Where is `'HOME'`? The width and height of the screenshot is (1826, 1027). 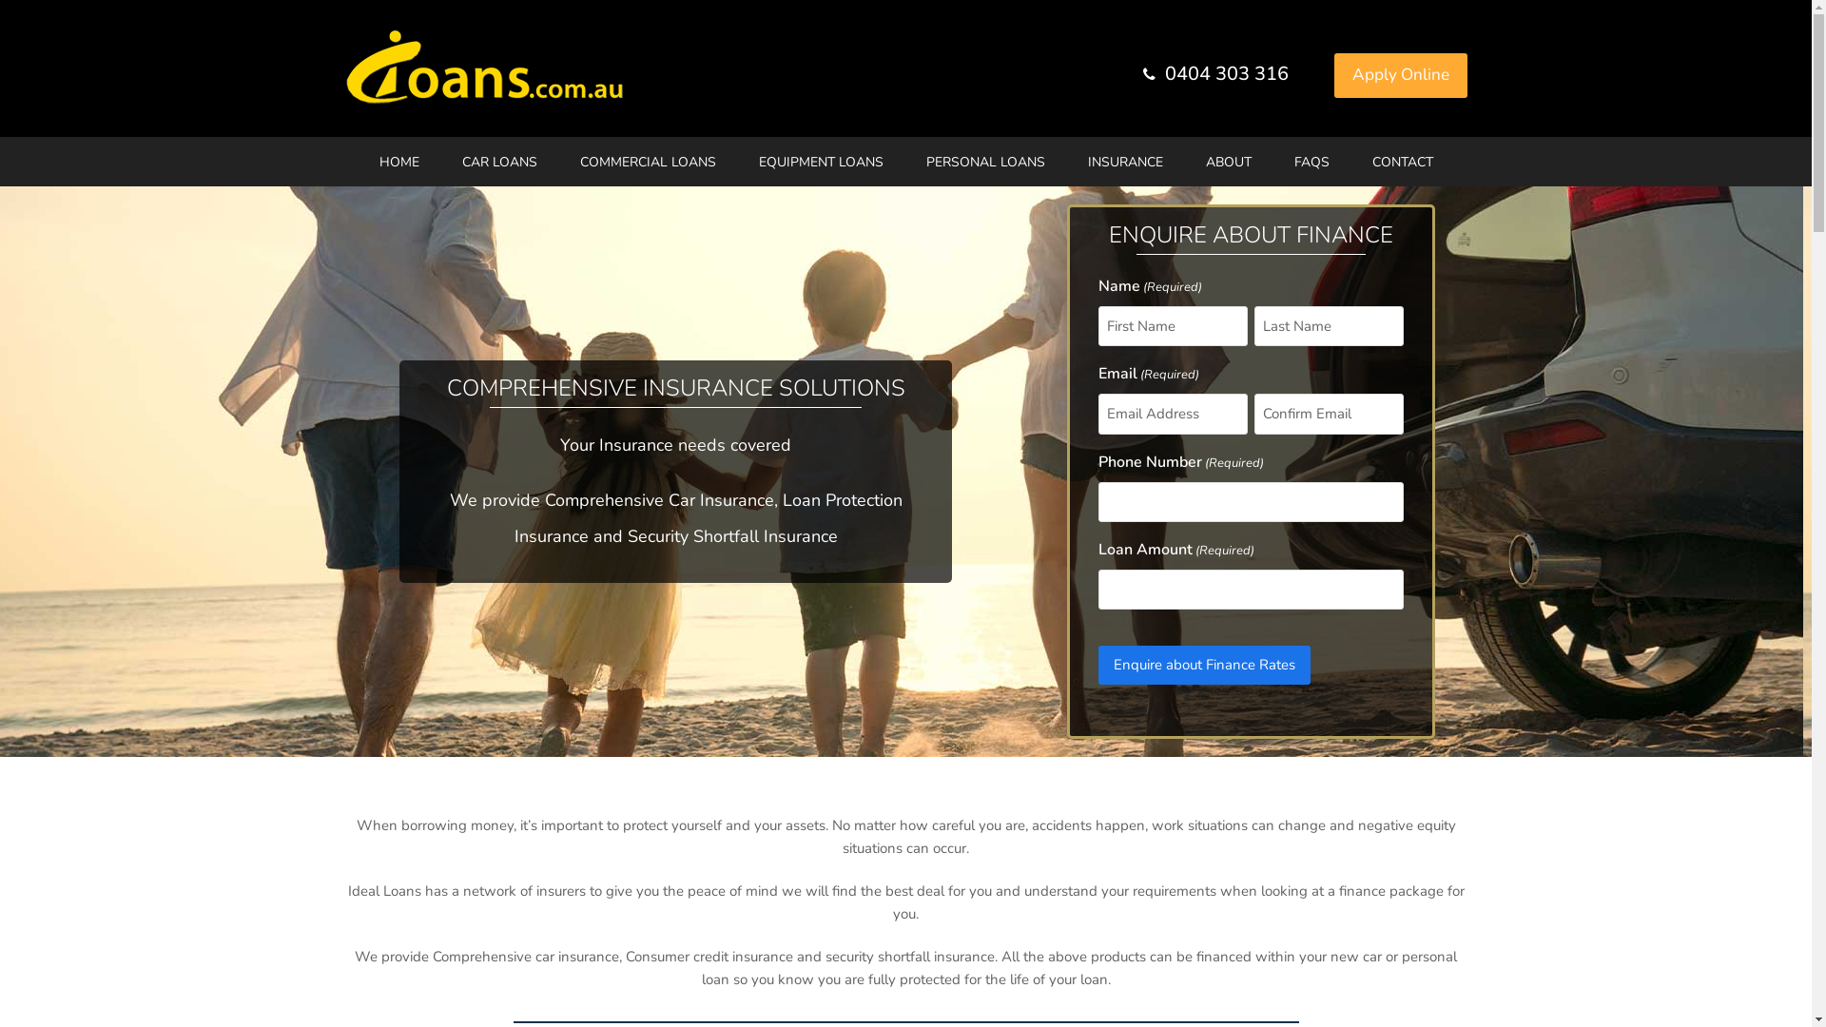
'HOME' is located at coordinates (359, 160).